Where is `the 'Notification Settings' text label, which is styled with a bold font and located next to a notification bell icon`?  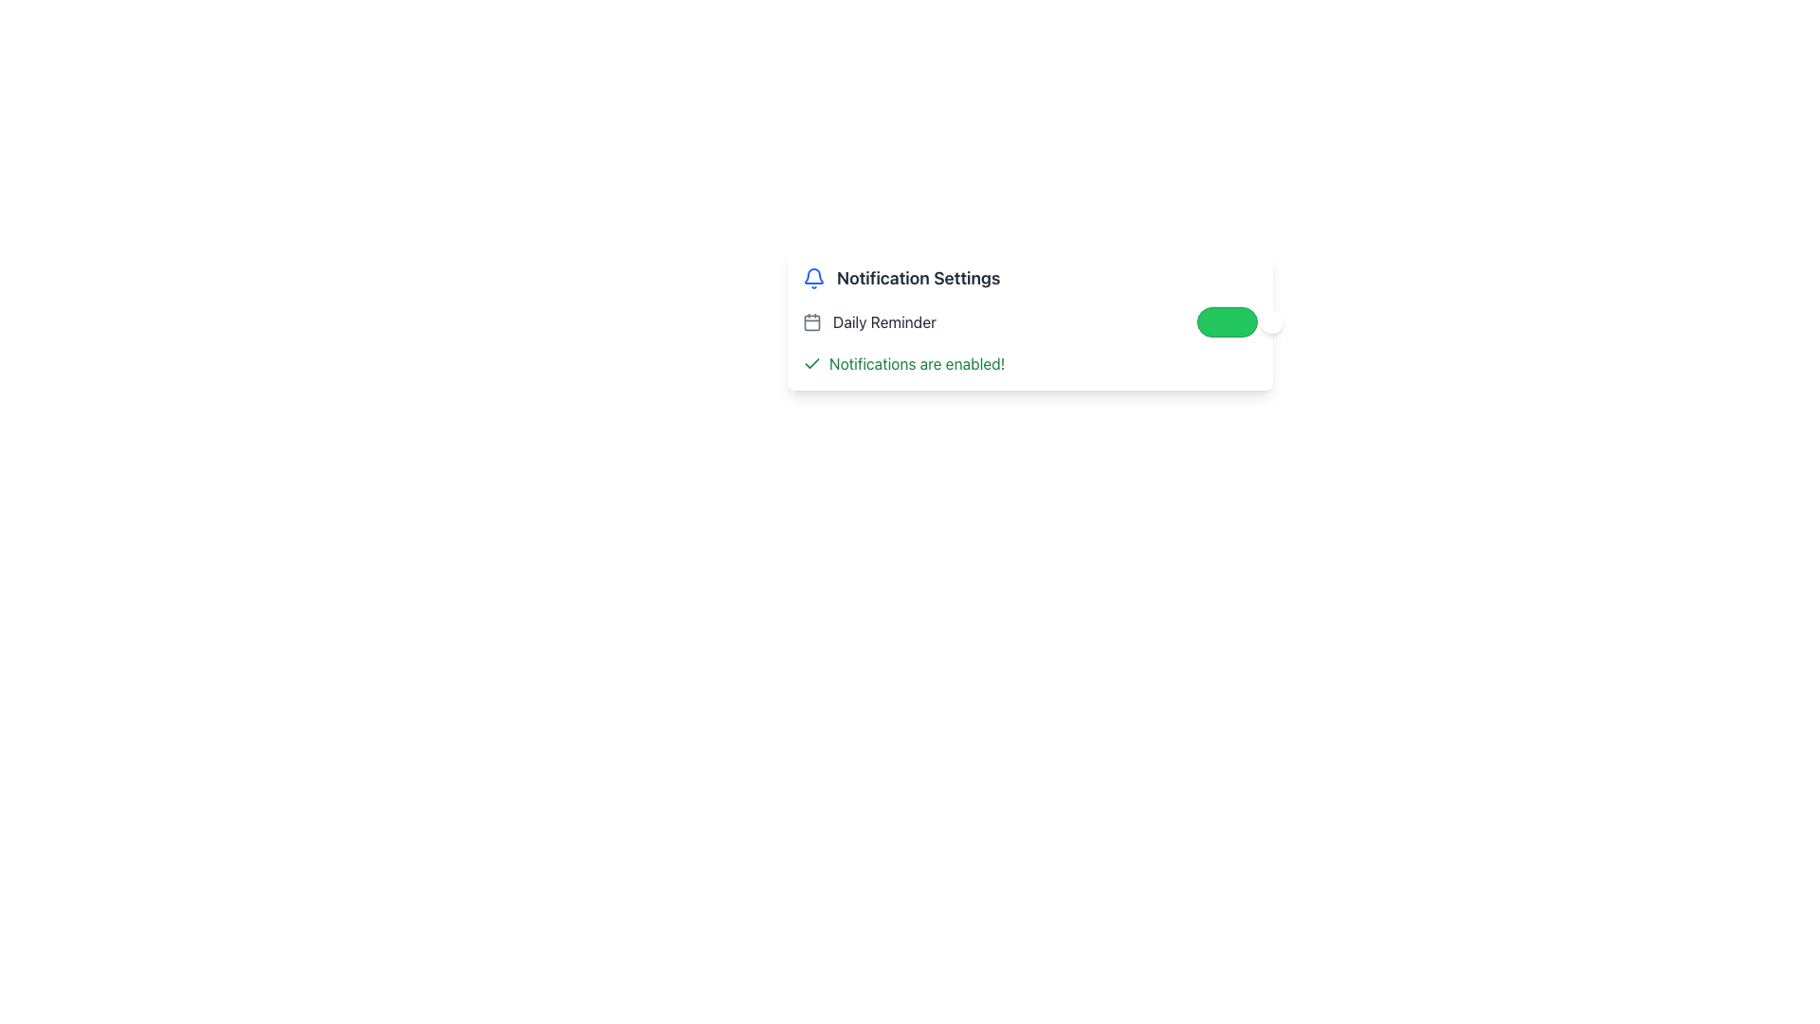 the 'Notification Settings' text label, which is styled with a bold font and located next to a notification bell icon is located at coordinates (919, 278).